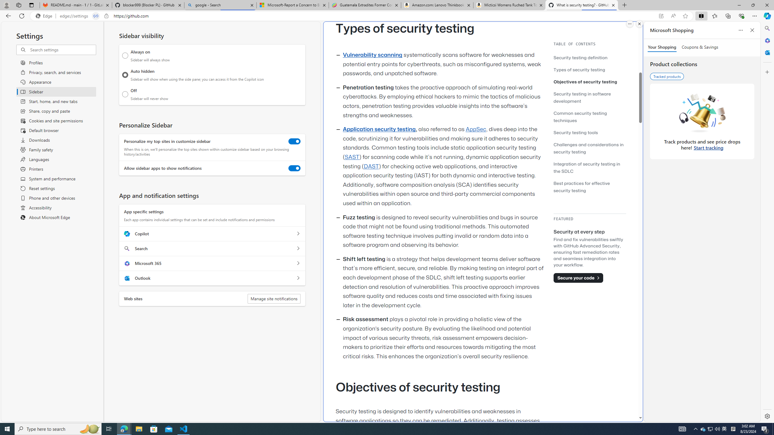 Image resolution: width=774 pixels, height=435 pixels. What do you see at coordinates (588, 148) in the screenshot?
I see `'Challenges and considerations in security testing'` at bounding box center [588, 148].